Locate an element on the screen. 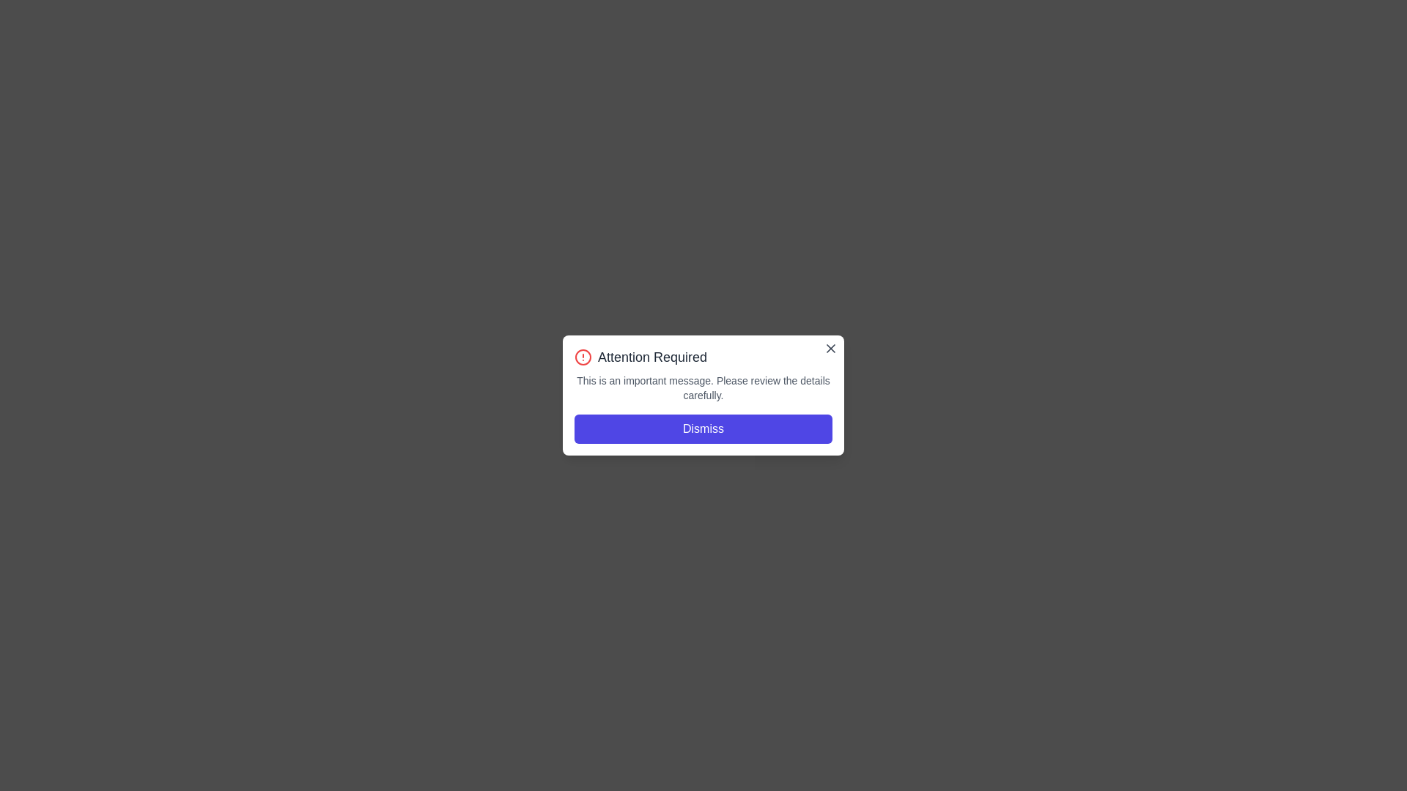 This screenshot has height=791, width=1407. the tilted cross icon located in the top-right corner of the 'Attention Required' dialog box is located at coordinates (830, 348).